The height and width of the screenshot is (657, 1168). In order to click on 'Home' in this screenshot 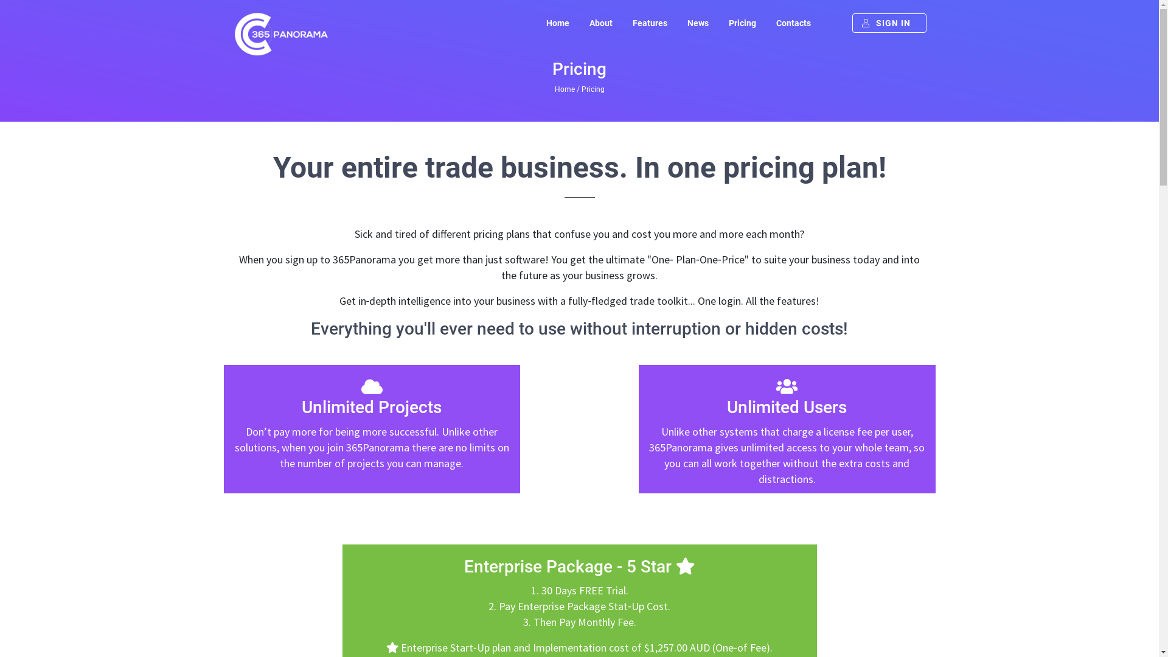, I will do `click(564, 88)`.